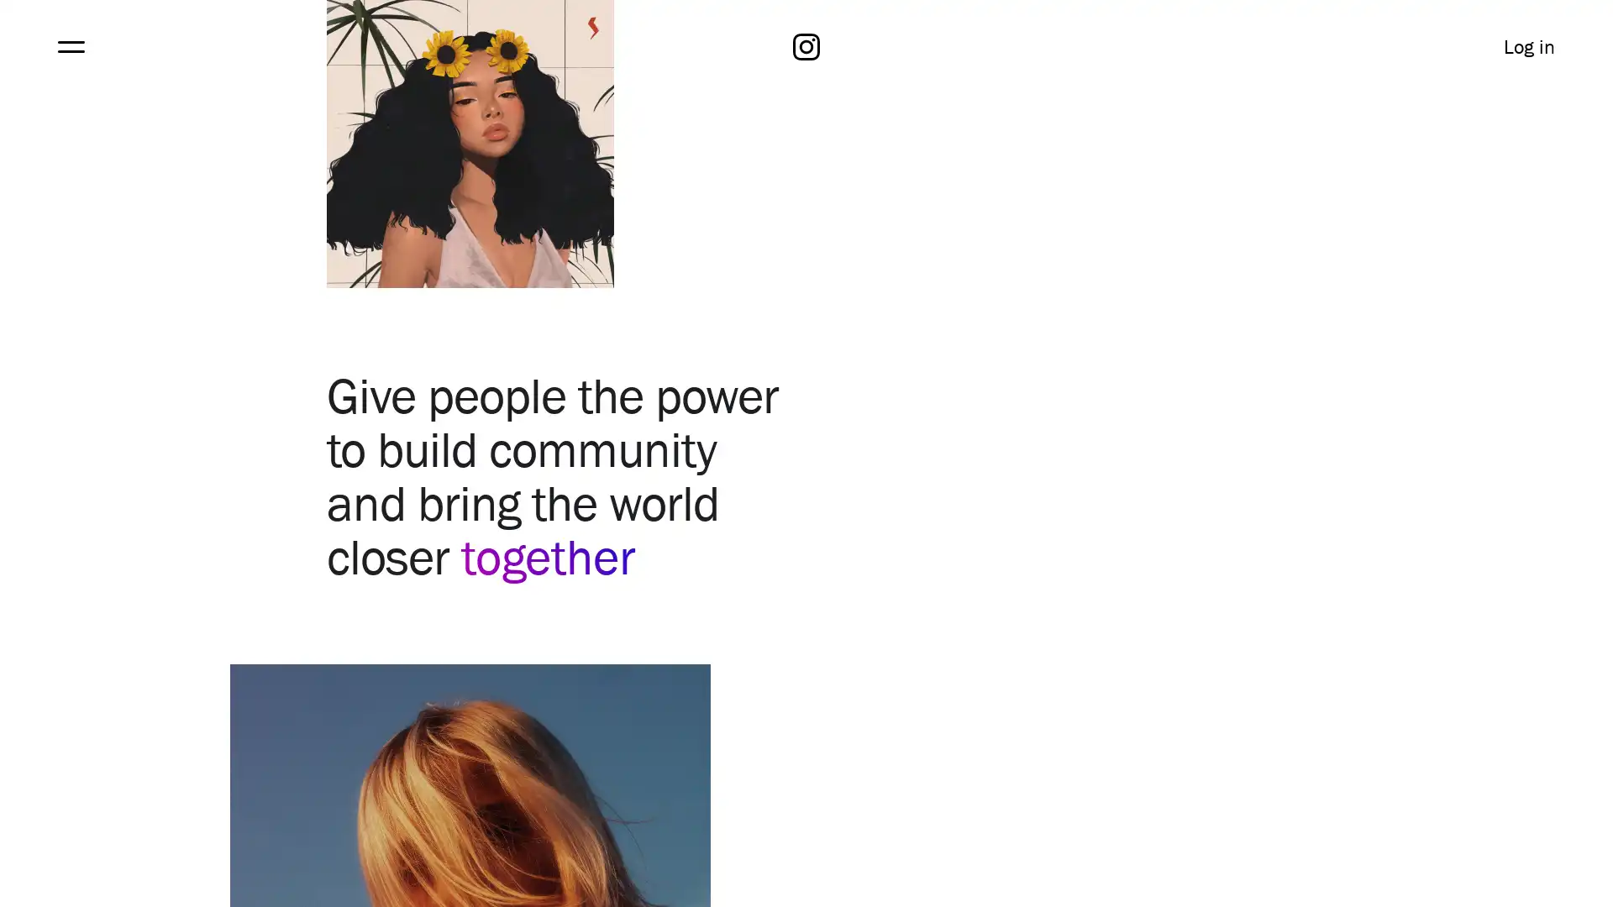 The width and height of the screenshot is (1613, 907). I want to click on together, so click(548, 556).